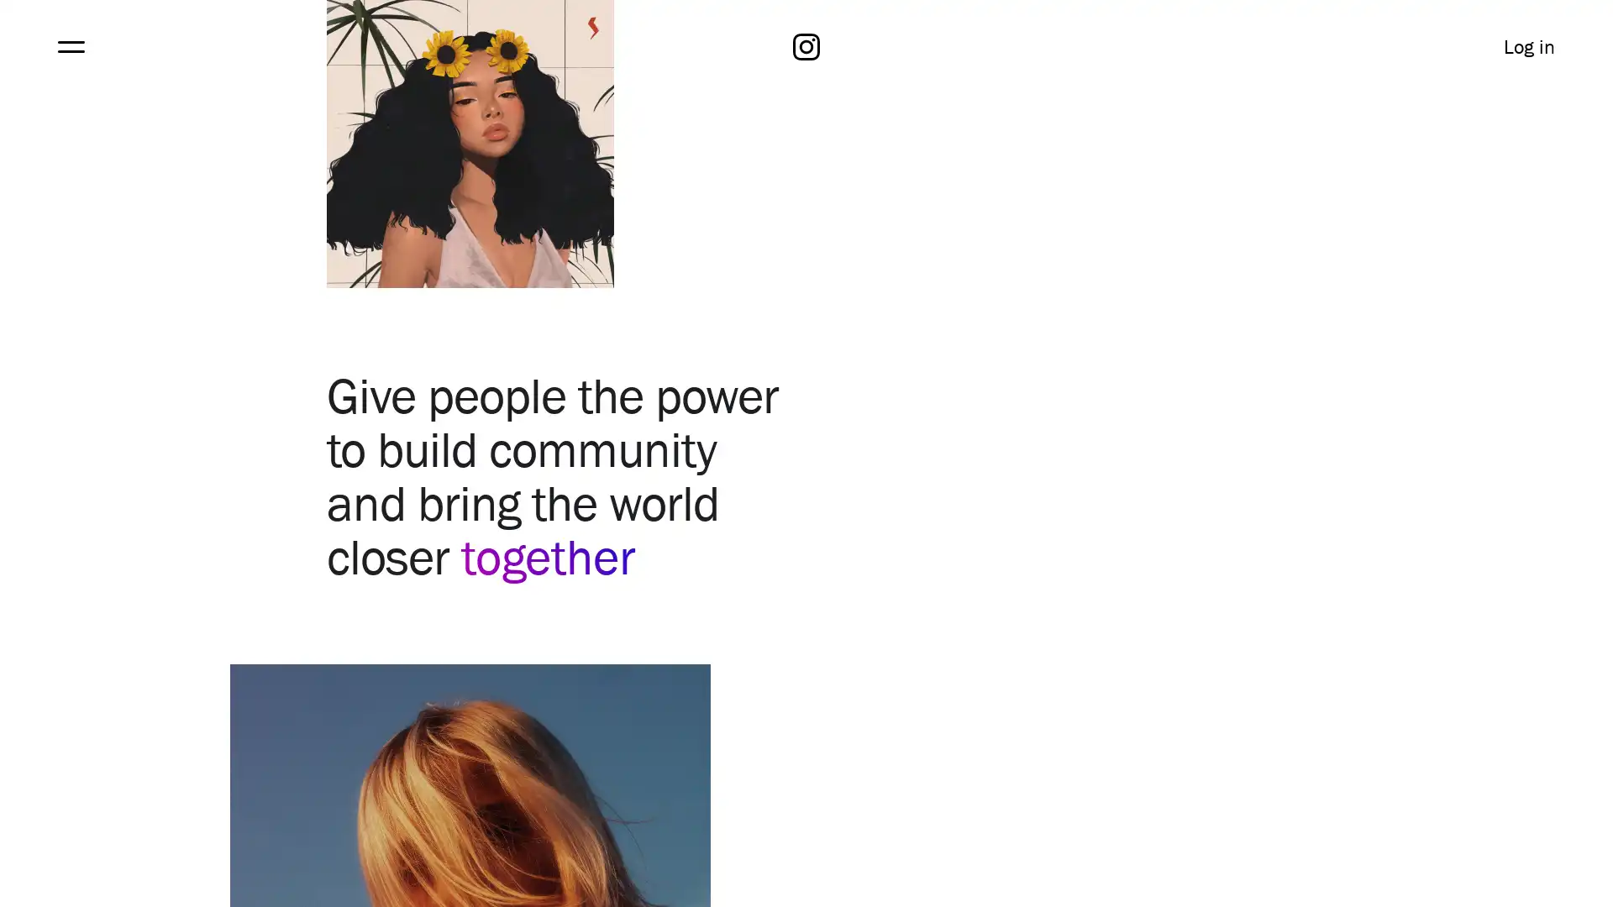 The width and height of the screenshot is (1613, 907). I want to click on together, so click(548, 556).